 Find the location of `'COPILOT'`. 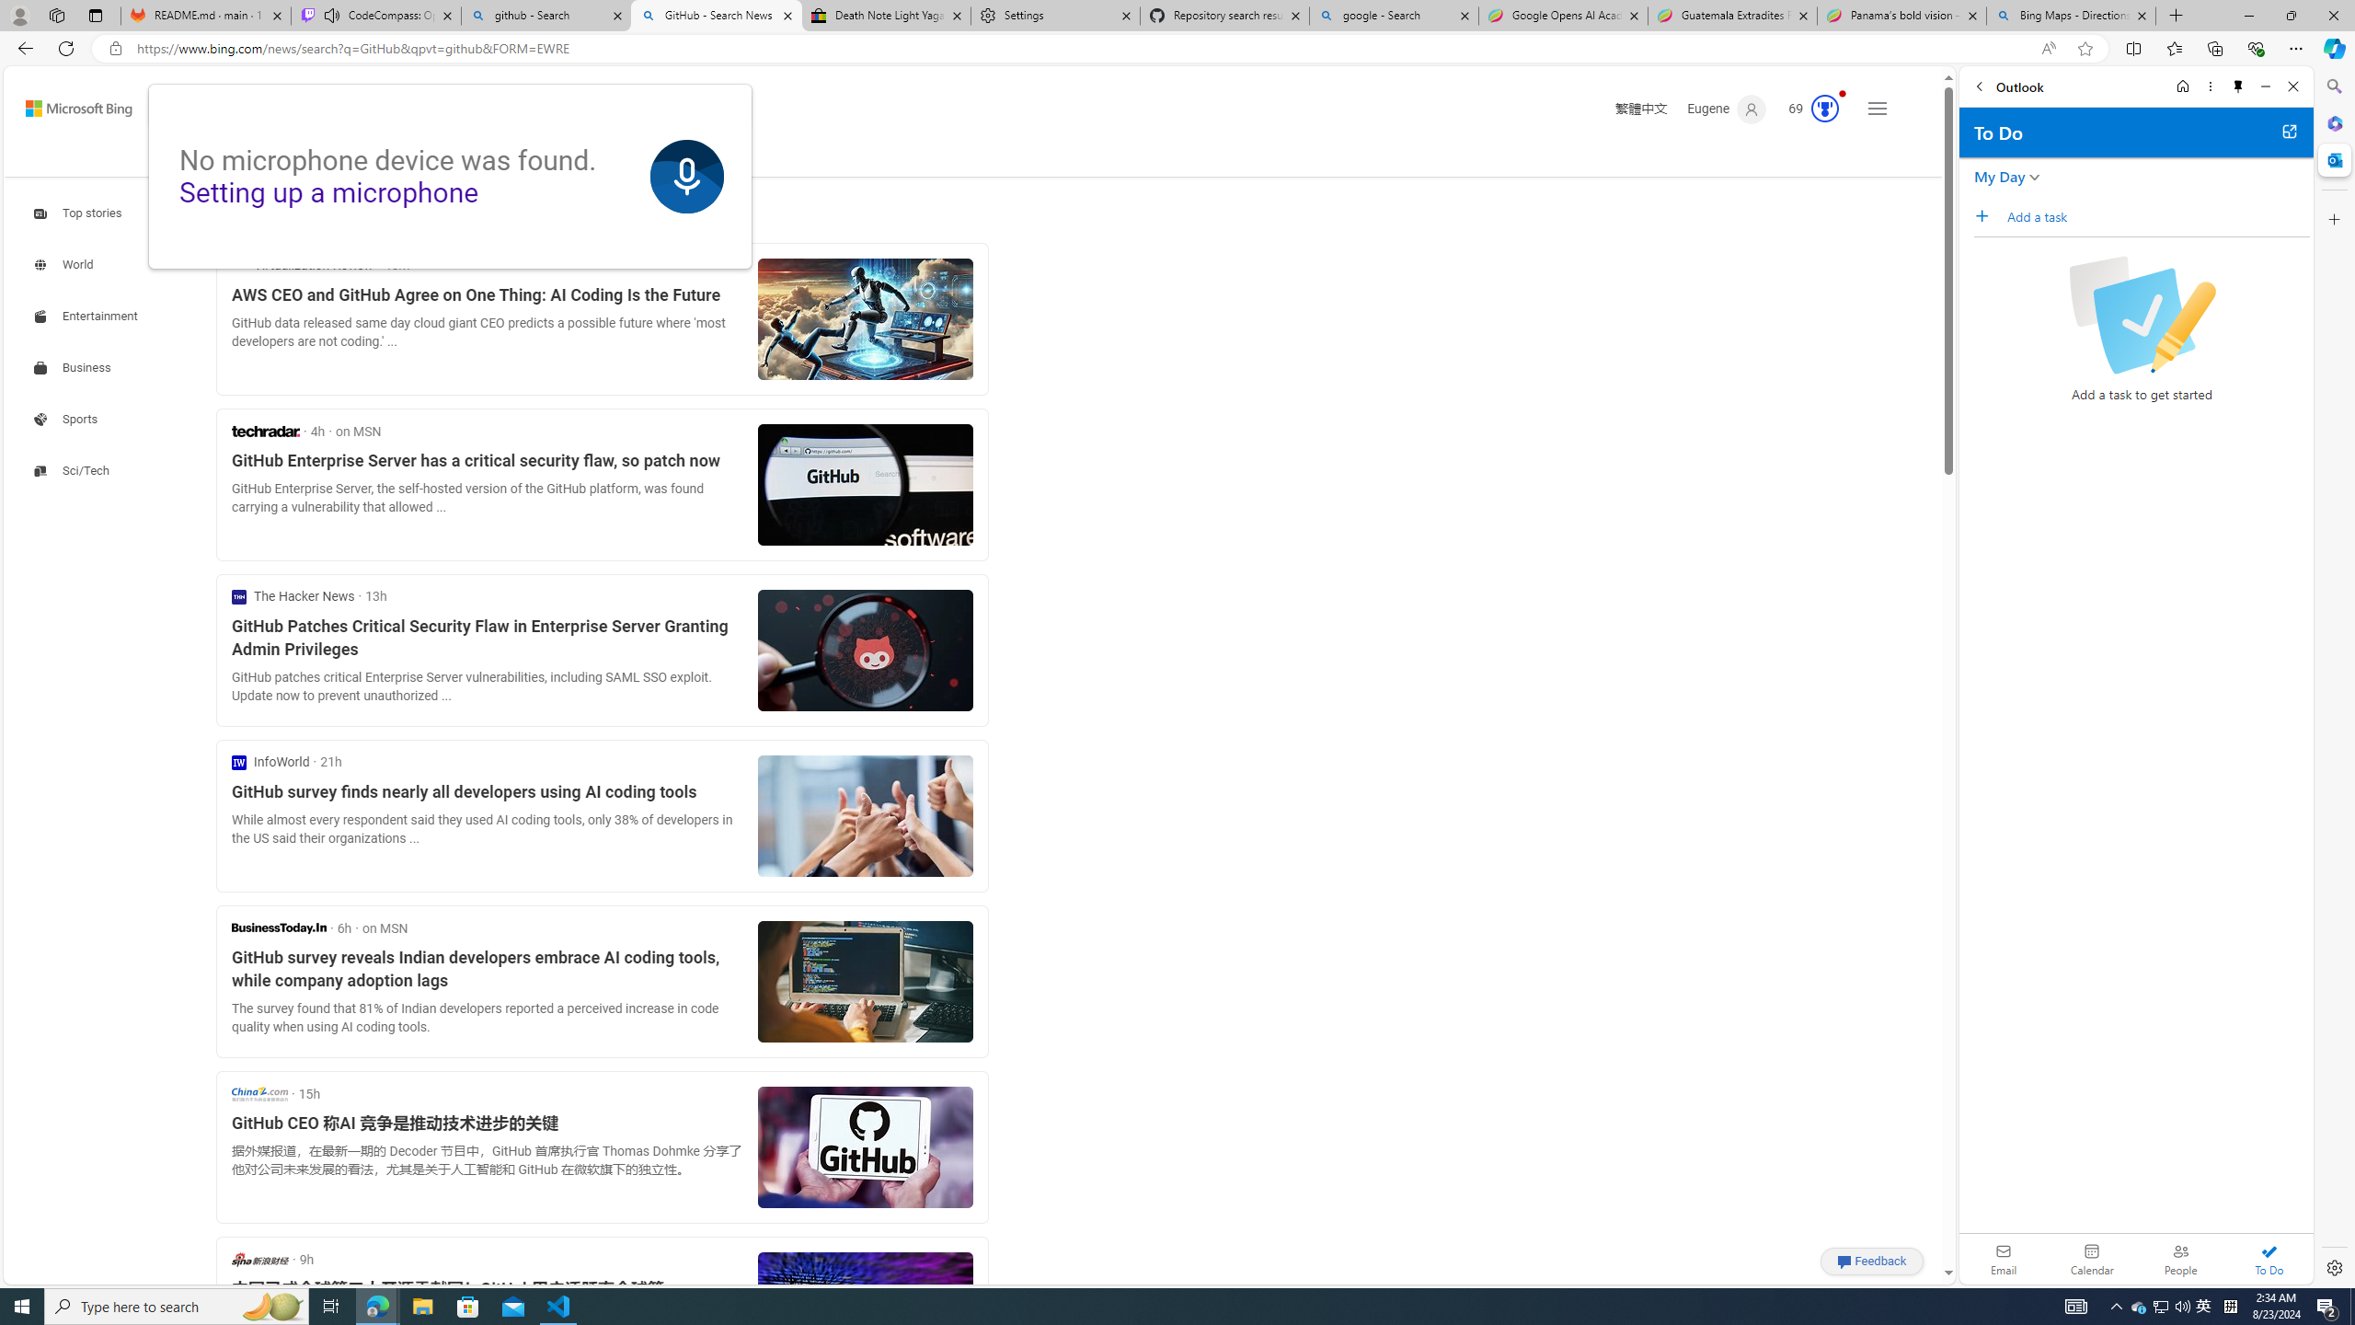

'COPILOT' is located at coordinates (288, 156).